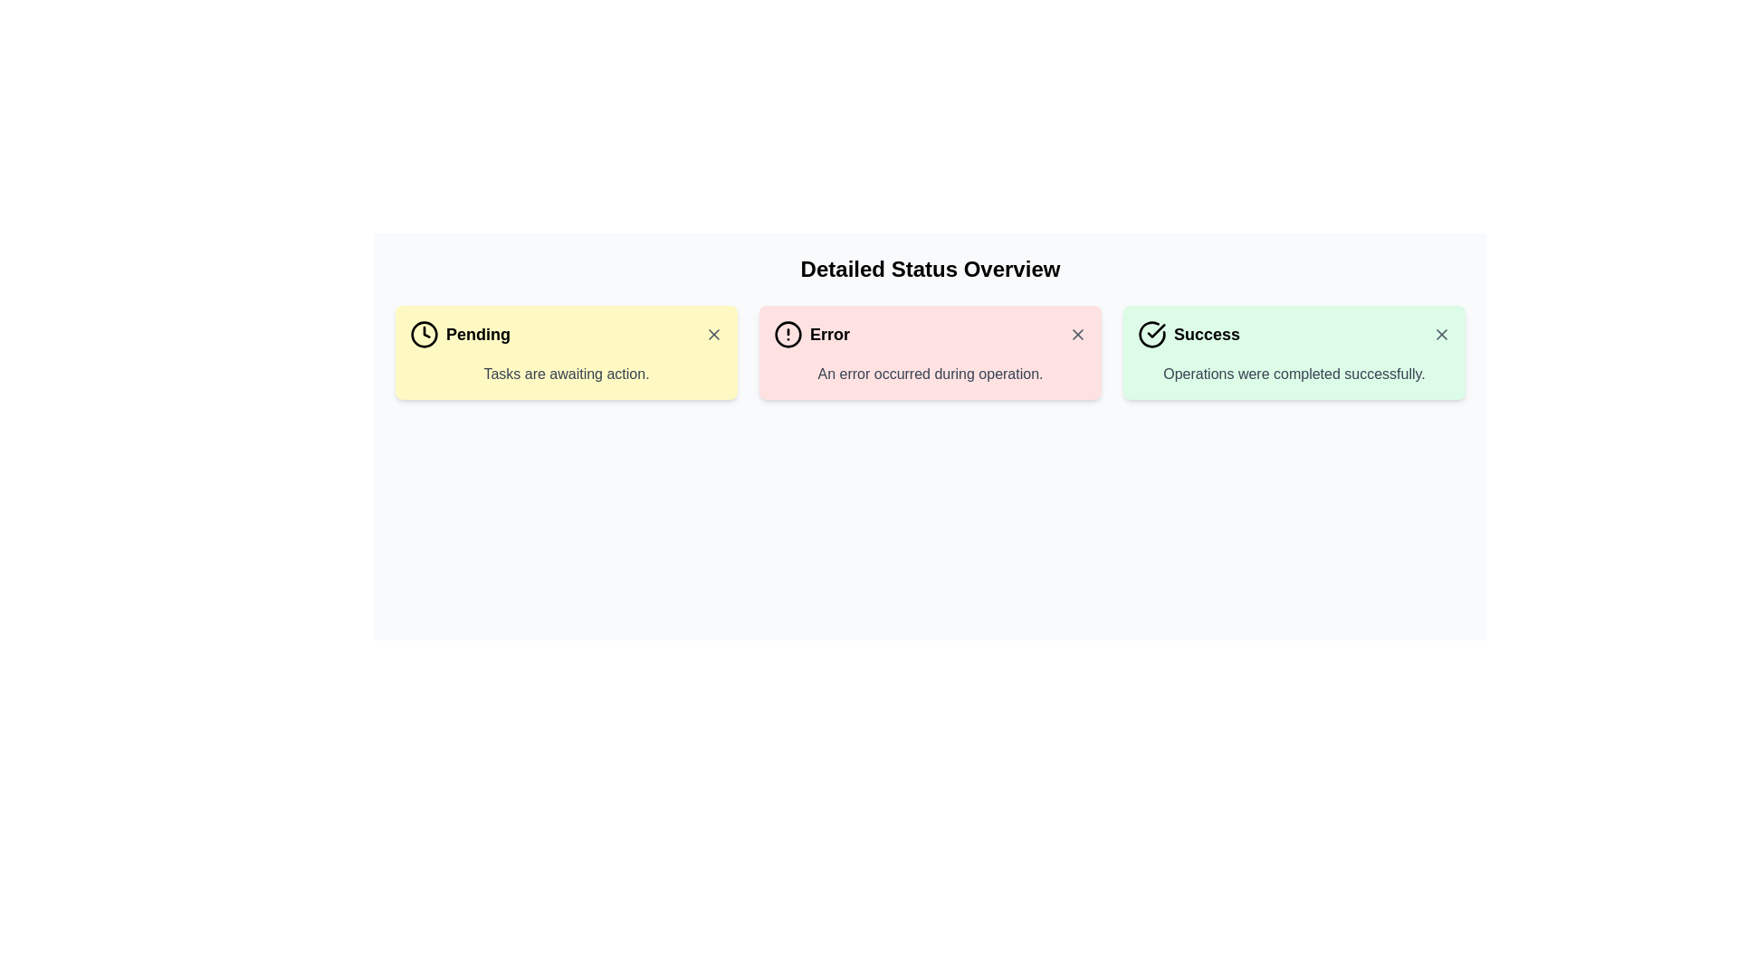 This screenshot has height=977, width=1738. What do you see at coordinates (478, 335) in the screenshot?
I see `text from the bold 'Pending' label, which is displayed on a light yellow background within the status card, slightly to the right of the clock icon` at bounding box center [478, 335].